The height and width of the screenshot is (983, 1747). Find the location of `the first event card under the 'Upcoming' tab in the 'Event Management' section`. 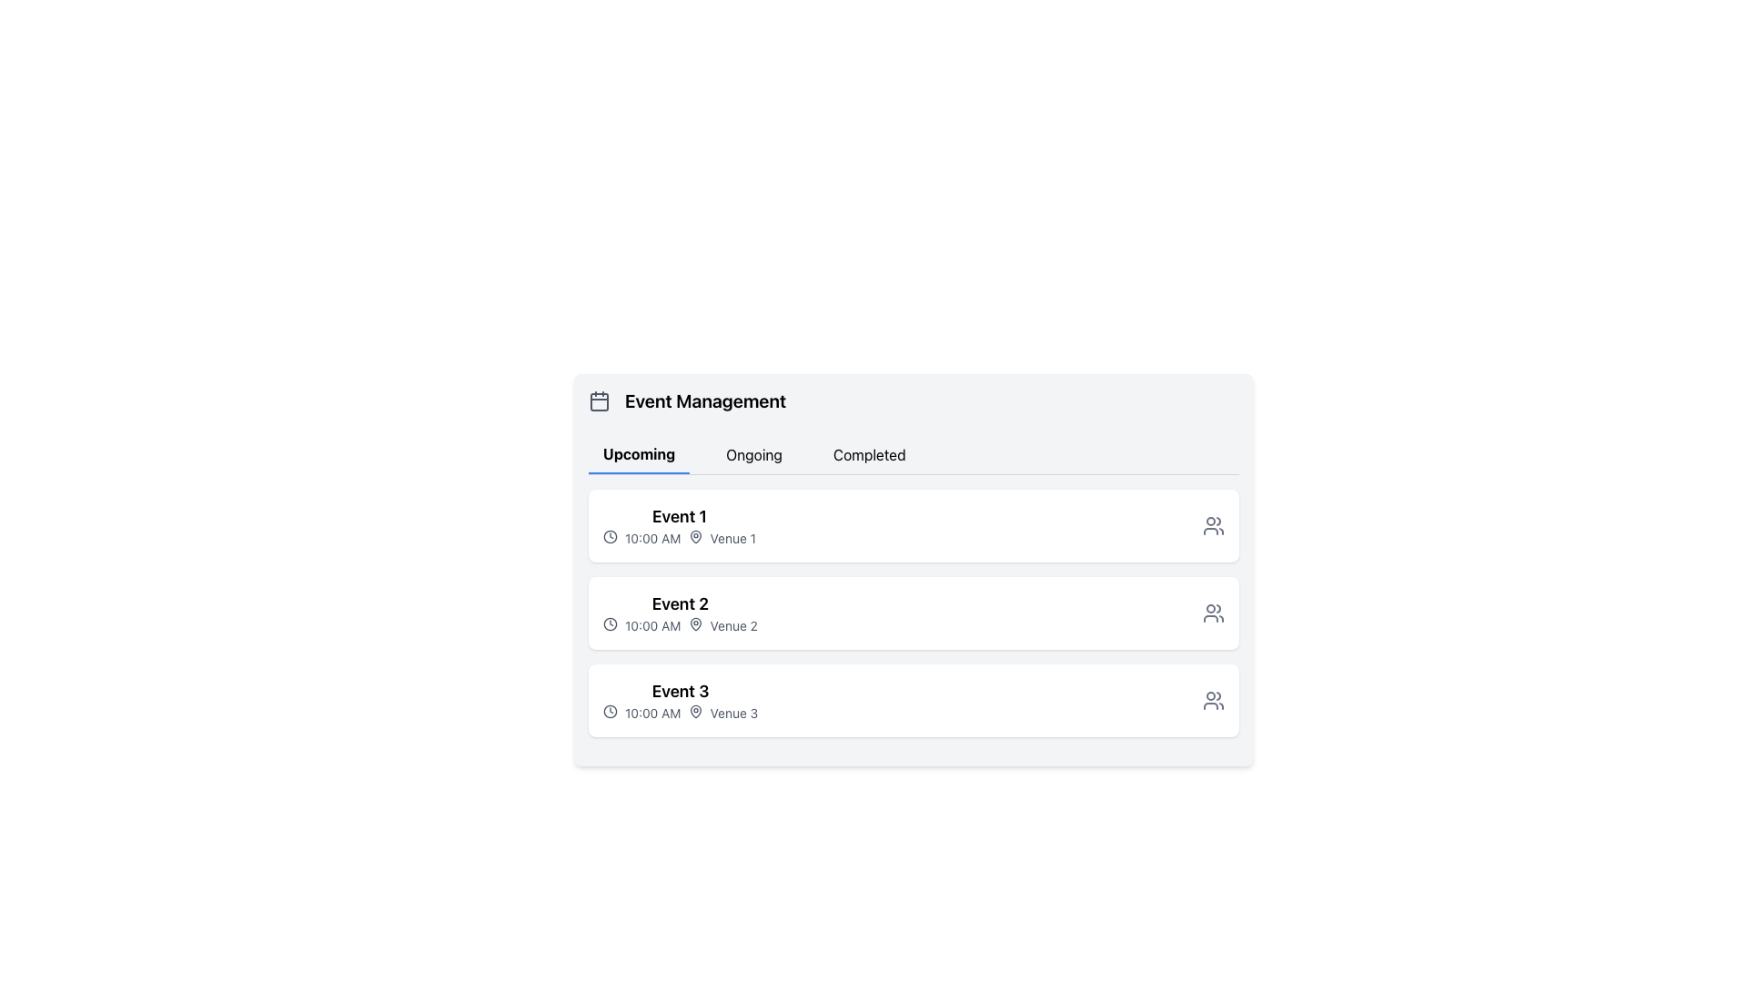

the first event card under the 'Upcoming' tab in the 'Event Management' section is located at coordinates (914, 526).